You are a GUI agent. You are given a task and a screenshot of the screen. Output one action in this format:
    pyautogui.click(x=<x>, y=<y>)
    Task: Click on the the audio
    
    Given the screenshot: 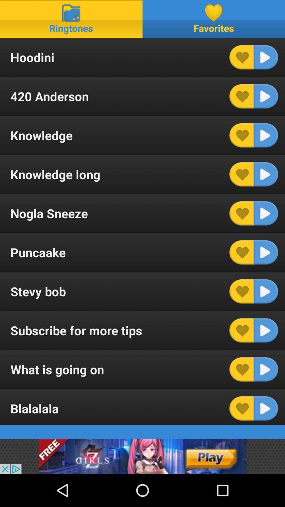 What is the action you would take?
    pyautogui.click(x=266, y=330)
    